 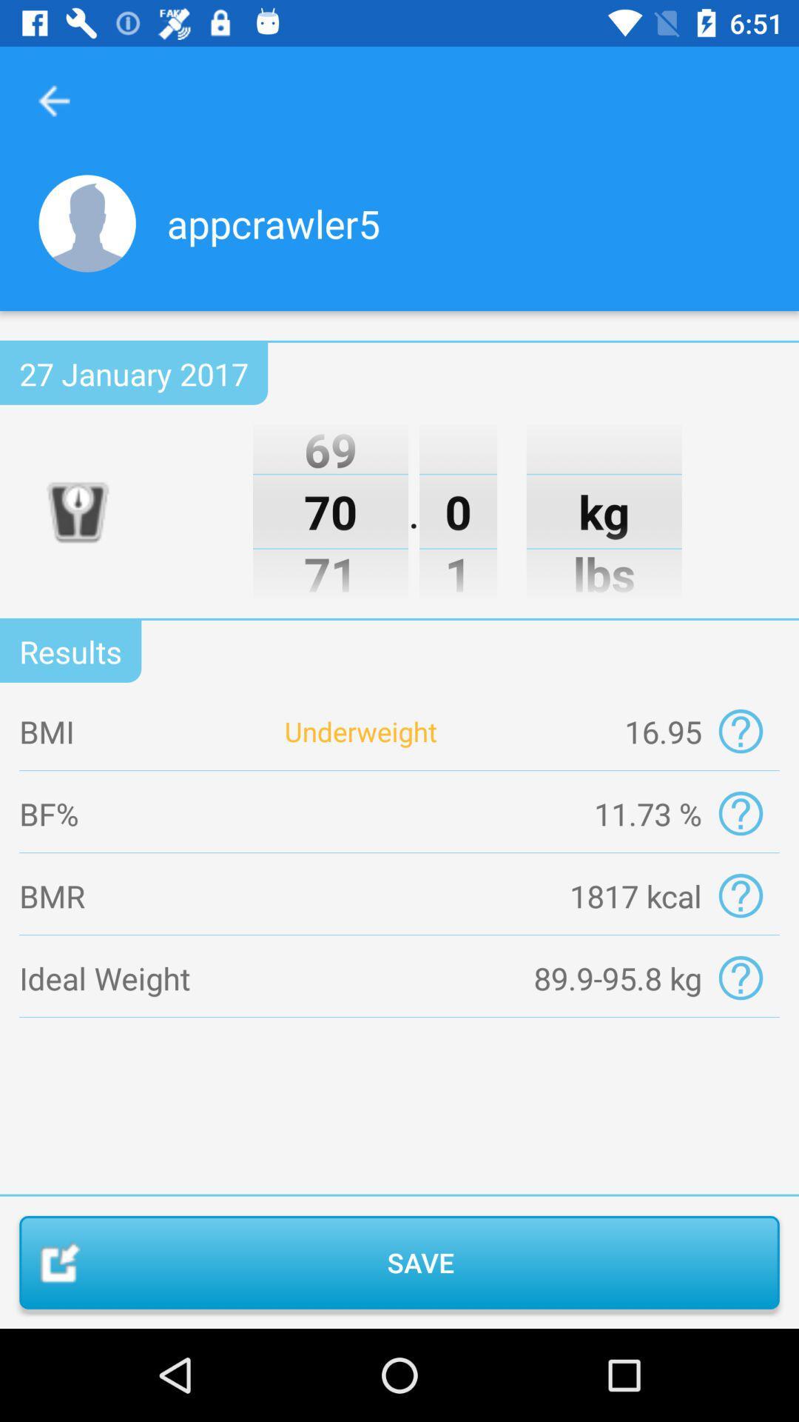 I want to click on click the questtion mark, so click(x=741, y=731).